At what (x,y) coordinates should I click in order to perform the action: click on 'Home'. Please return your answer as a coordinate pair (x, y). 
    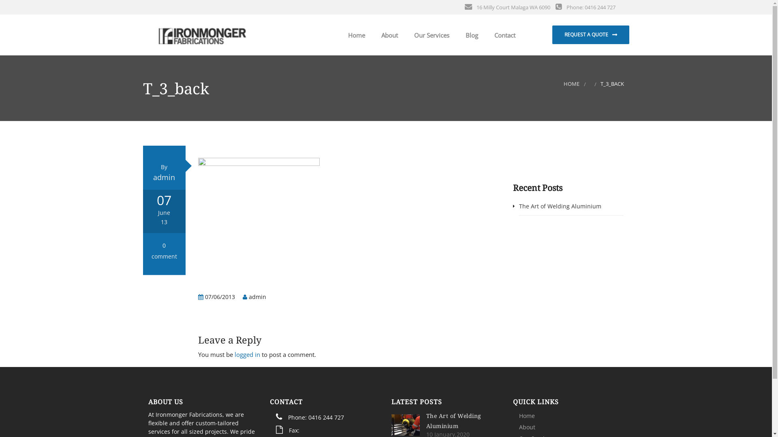
    Looking at the image, I should click on (354, 35).